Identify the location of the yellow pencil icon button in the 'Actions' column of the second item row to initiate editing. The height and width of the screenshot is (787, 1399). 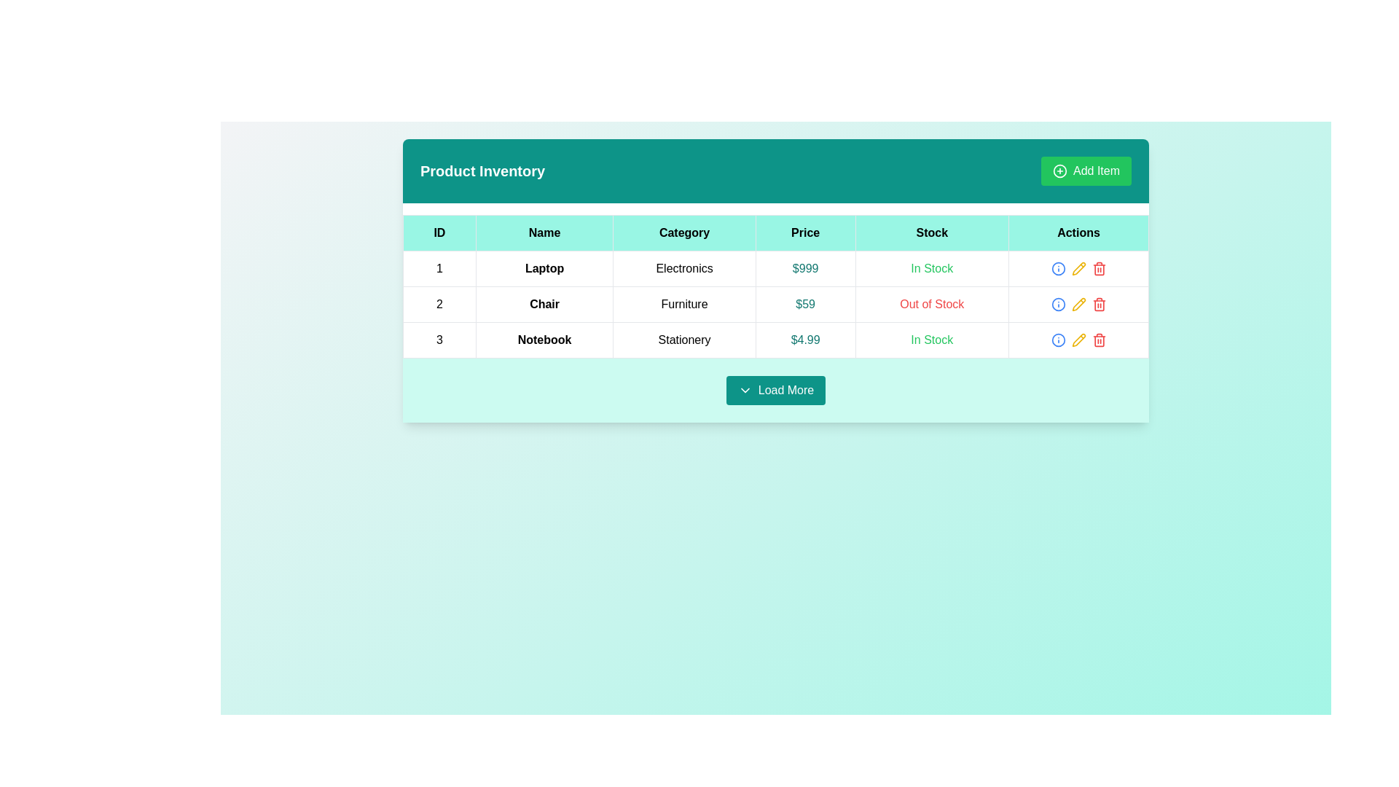
(1078, 303).